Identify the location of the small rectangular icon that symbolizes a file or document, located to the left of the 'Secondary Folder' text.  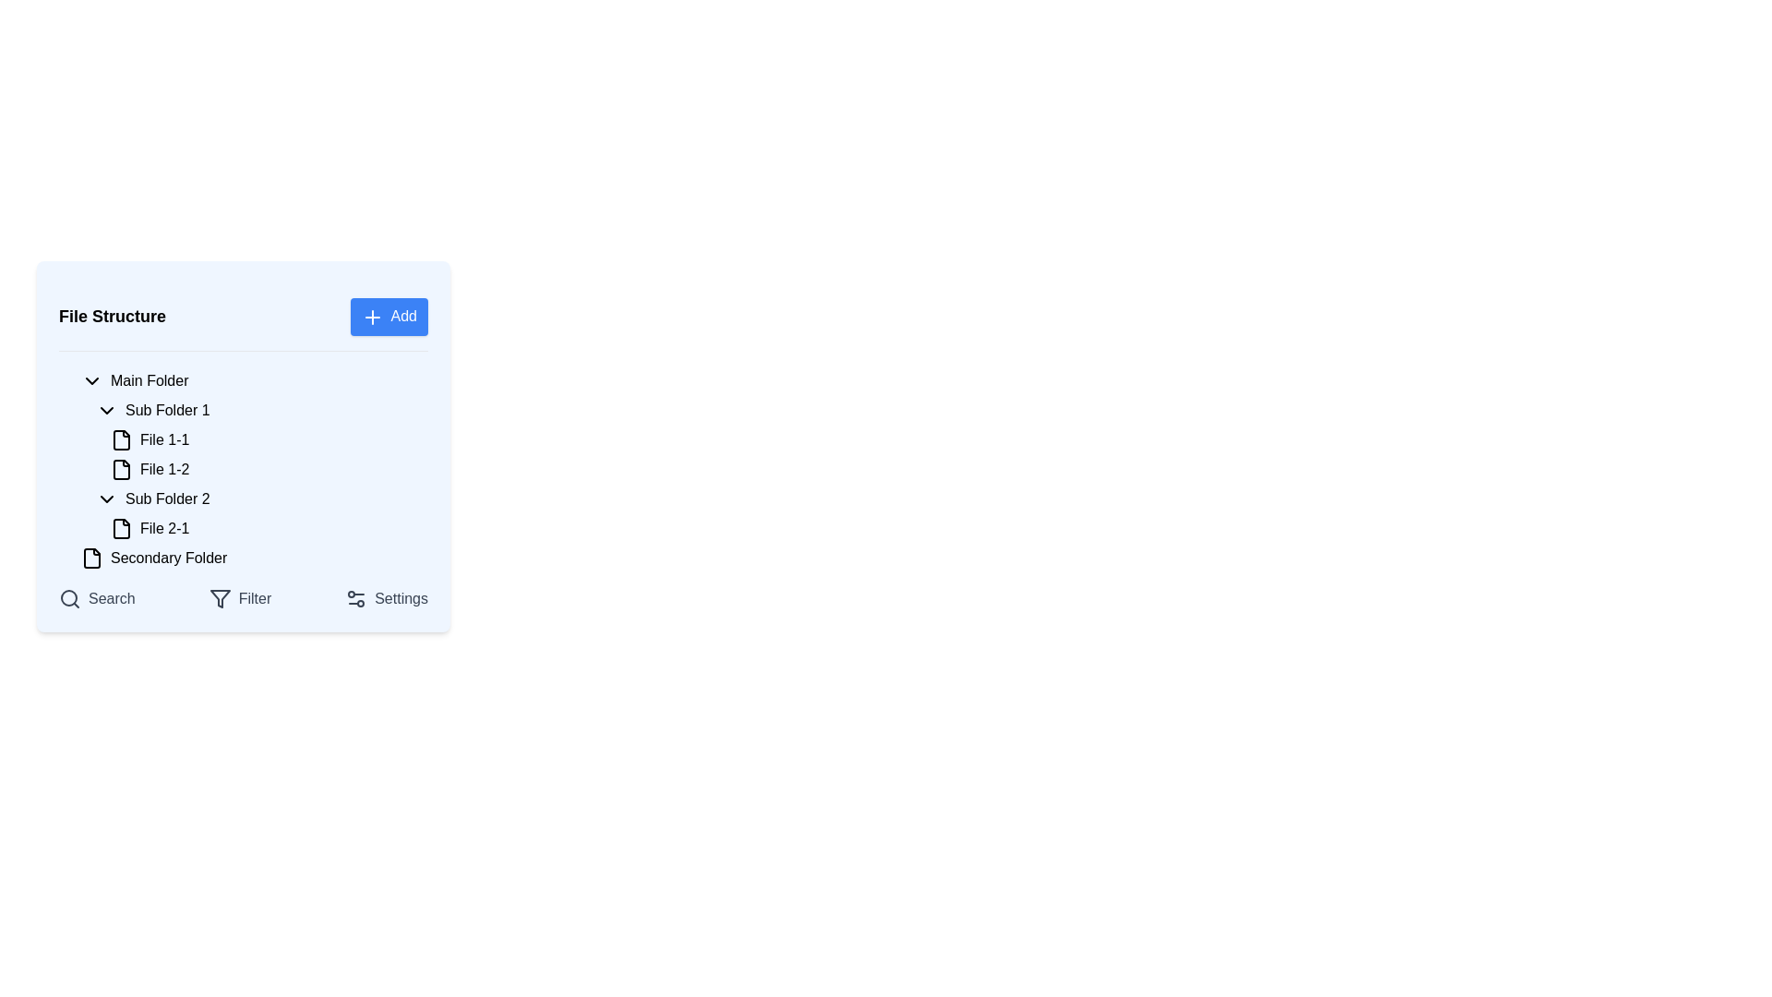
(91, 557).